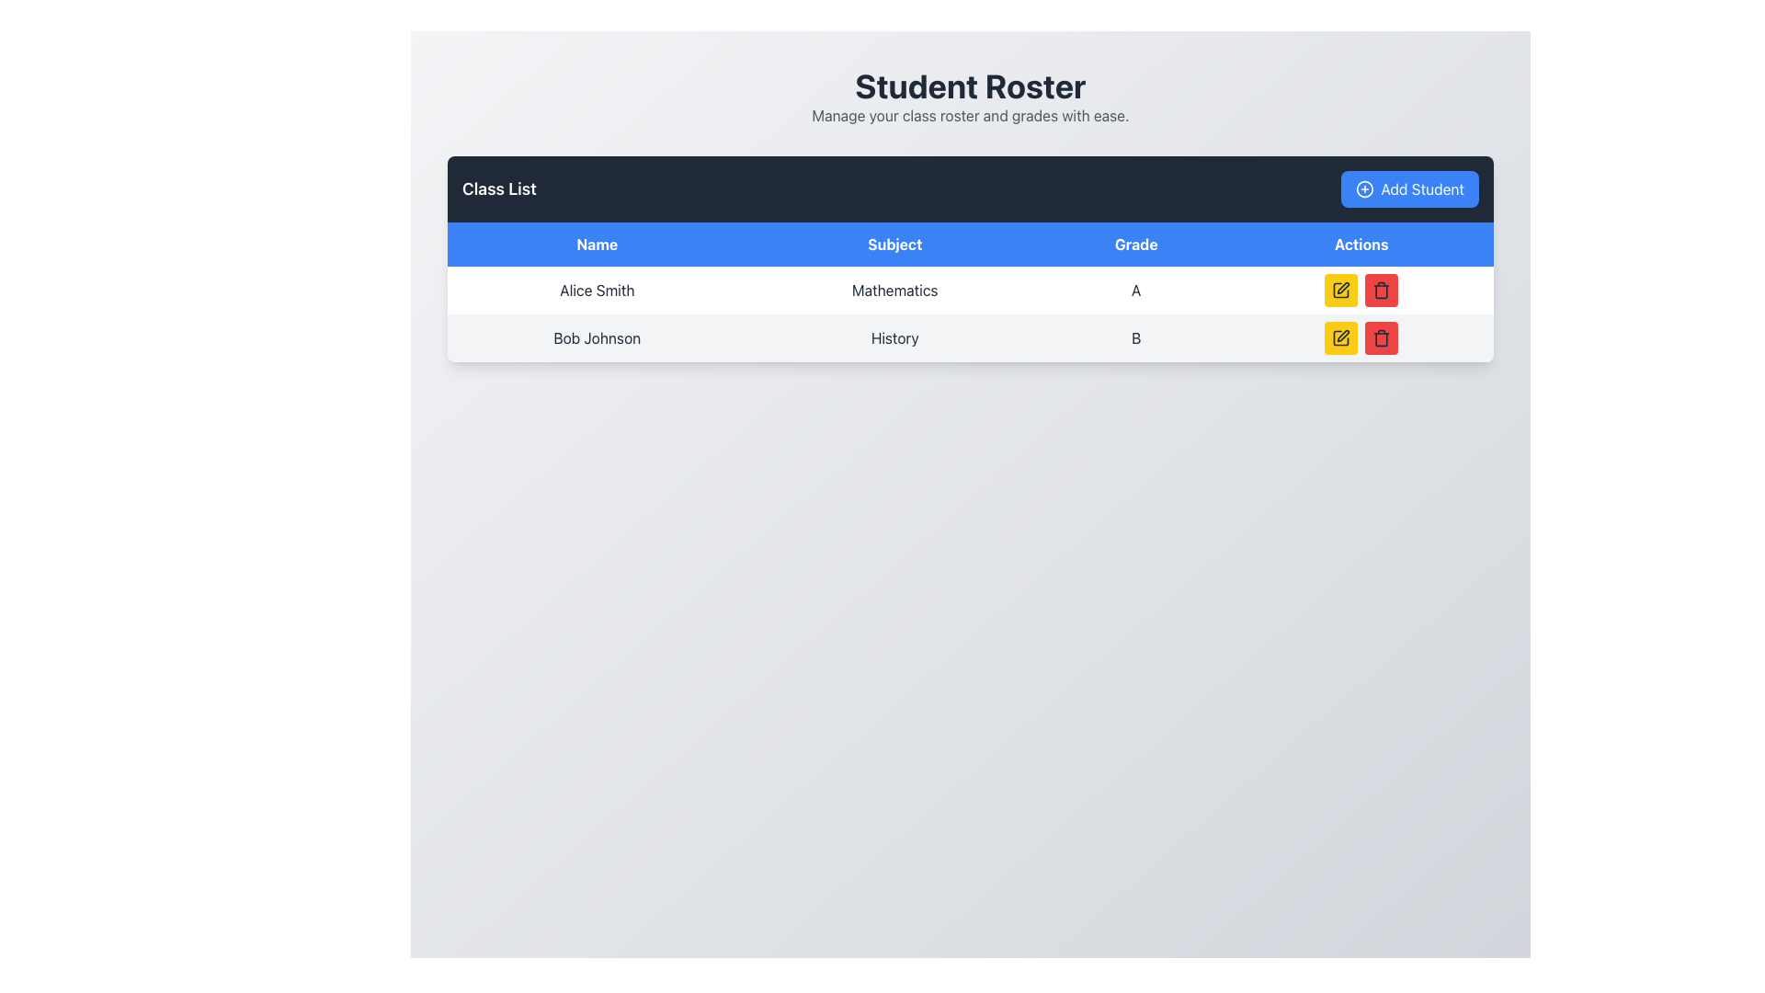  What do you see at coordinates (1361, 244) in the screenshot?
I see `the Table Column Header that is the fourth and last visible item in the row of headers, located to the right of the 'Grade' header, which contains action buttons for user interaction` at bounding box center [1361, 244].